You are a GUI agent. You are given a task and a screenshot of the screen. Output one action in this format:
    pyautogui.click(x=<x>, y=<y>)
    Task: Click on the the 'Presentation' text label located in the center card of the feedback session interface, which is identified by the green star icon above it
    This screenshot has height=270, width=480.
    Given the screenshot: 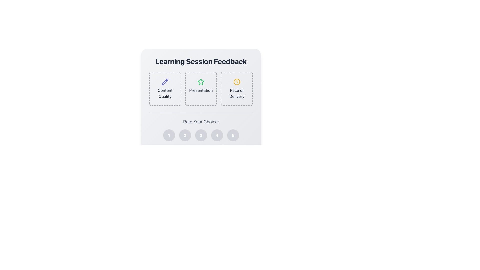 What is the action you would take?
    pyautogui.click(x=201, y=90)
    